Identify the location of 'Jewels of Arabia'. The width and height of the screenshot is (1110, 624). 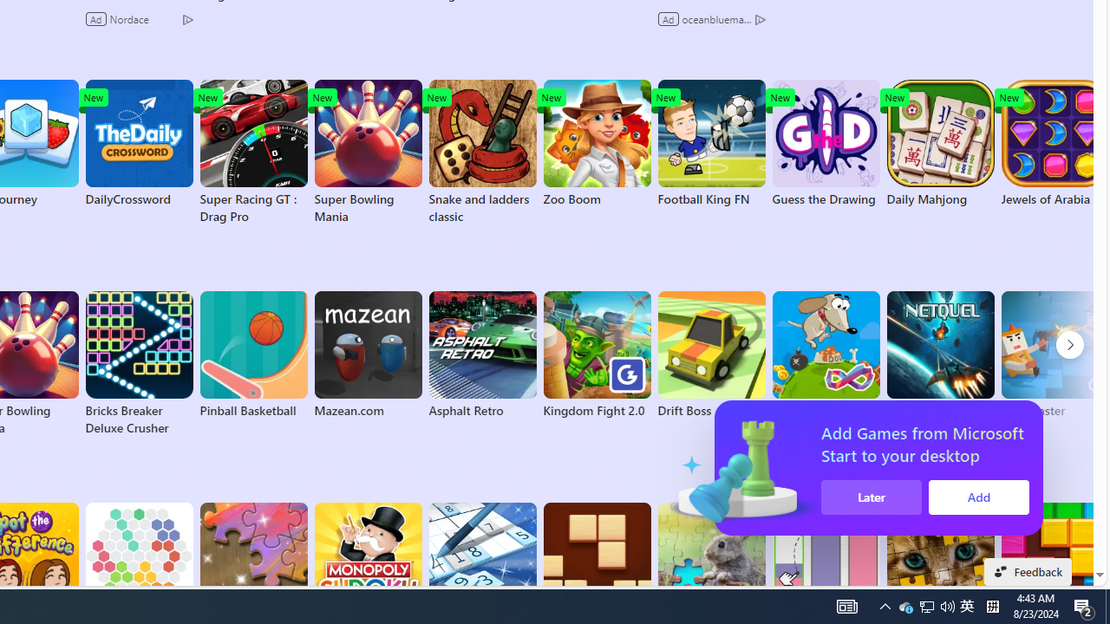
(1054, 142).